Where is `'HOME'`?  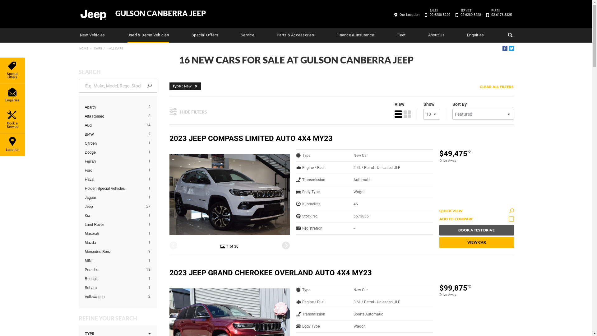 'HOME' is located at coordinates (83, 48).